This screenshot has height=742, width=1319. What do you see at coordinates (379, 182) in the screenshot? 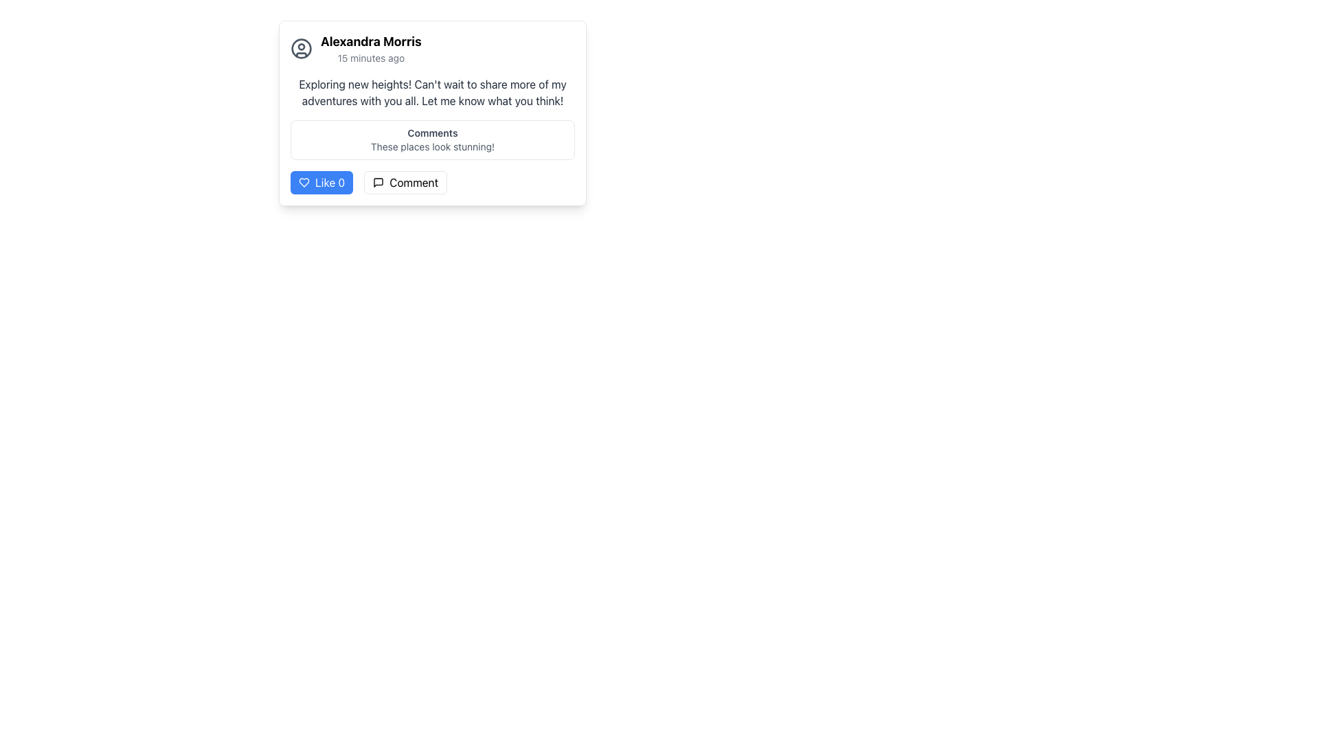
I see `the design of the commenting icon located inside the 'Comment' button, to the left of the 'Comment' label text` at bounding box center [379, 182].